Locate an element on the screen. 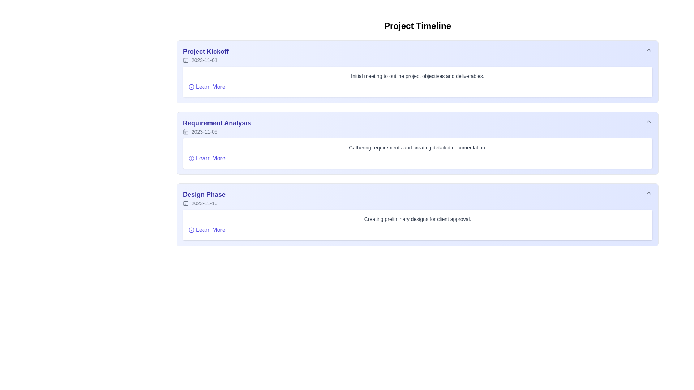  the circular vector graphic (SVG element) located in the third section of the timeline under the 'Design Phase' heading, near the 'Learn More' link is located at coordinates (191, 230).